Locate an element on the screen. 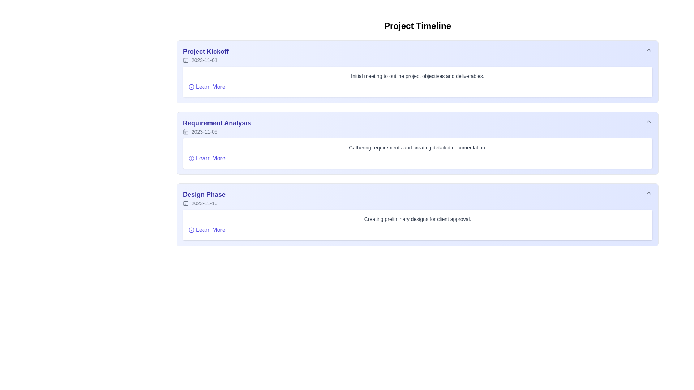  the circular vector graphic (SVG element) located in the third section of the timeline under the 'Design Phase' heading, near the 'Learn More' link is located at coordinates (191, 230).